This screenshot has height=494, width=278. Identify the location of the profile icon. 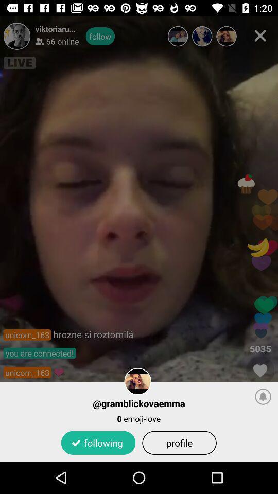
(179, 442).